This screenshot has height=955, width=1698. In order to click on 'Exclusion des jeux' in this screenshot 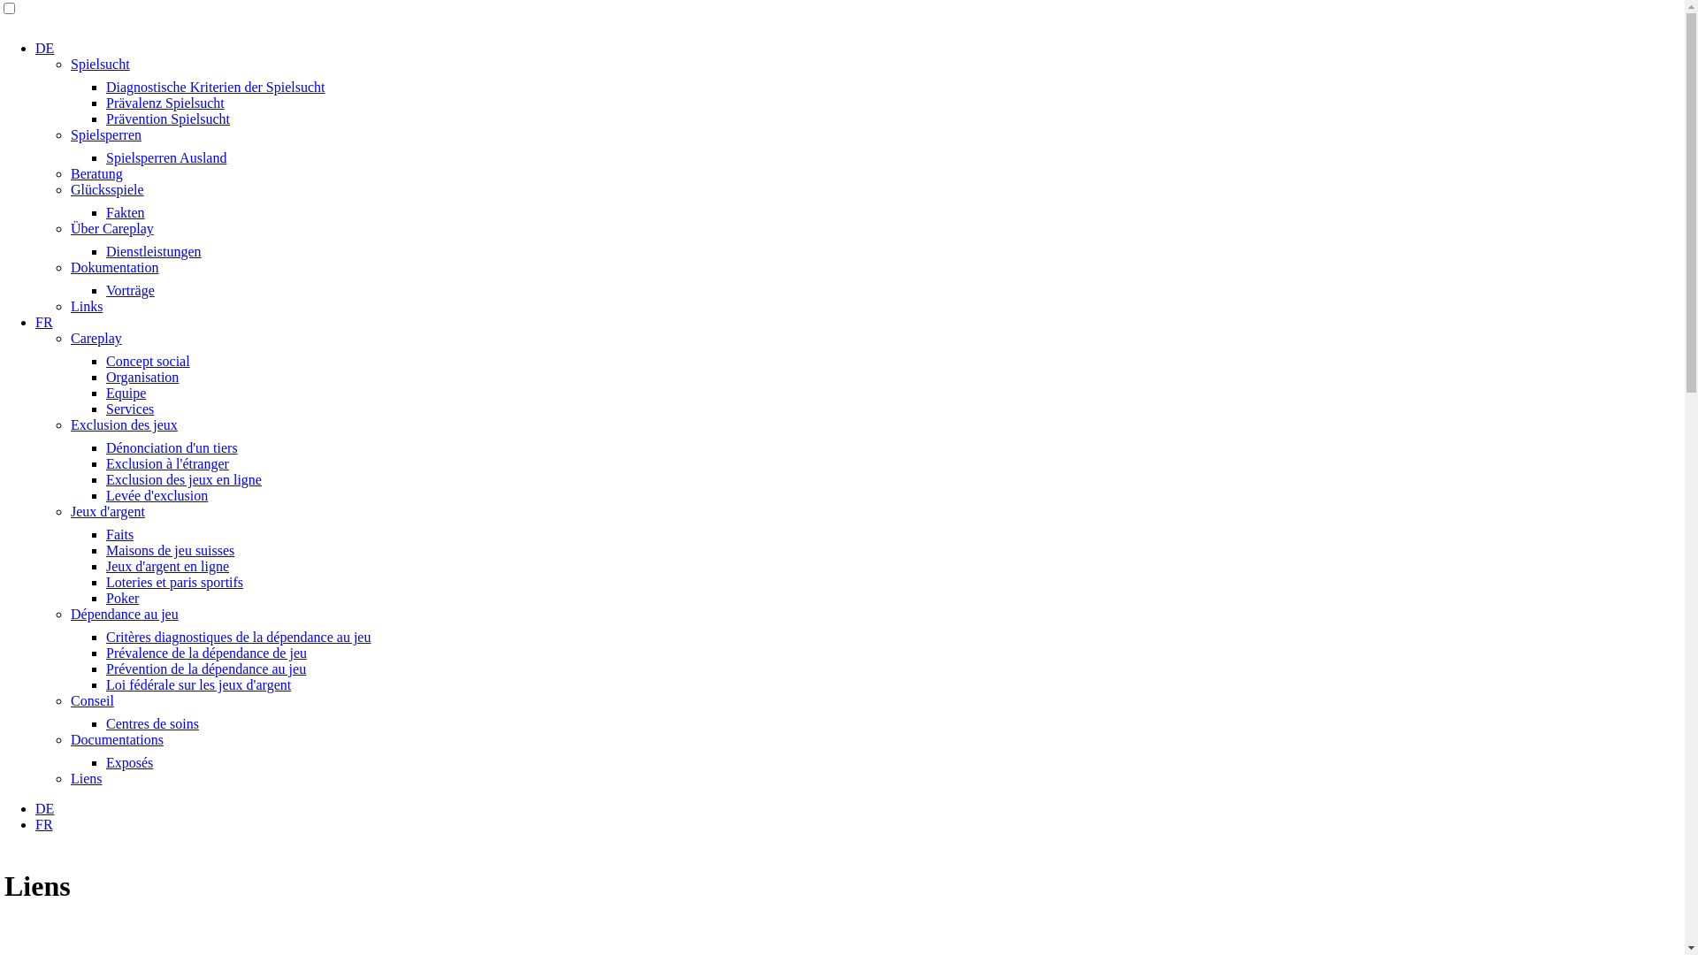, I will do `click(71, 424)`.